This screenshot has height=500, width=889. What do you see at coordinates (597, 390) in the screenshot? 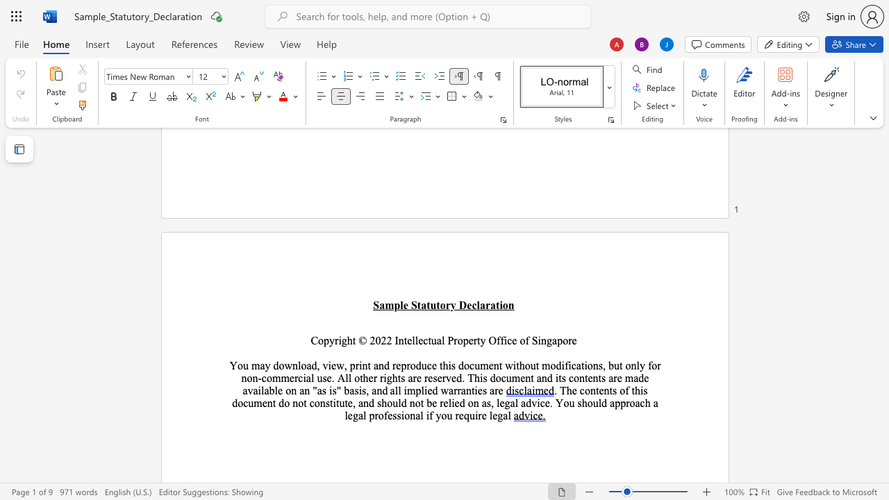
I see `the 1th character "t" in the text` at bounding box center [597, 390].